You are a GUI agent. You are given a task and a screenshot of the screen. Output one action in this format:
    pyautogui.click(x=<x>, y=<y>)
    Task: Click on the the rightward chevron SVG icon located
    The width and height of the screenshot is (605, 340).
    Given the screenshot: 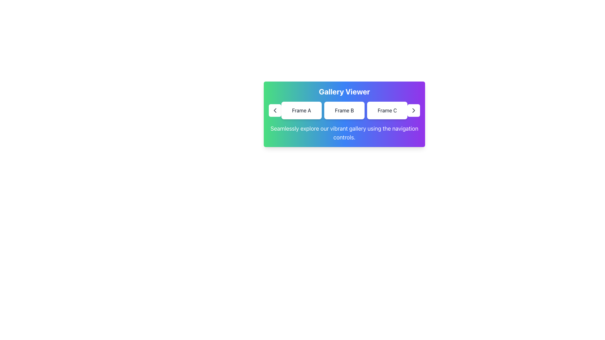 What is the action you would take?
    pyautogui.click(x=414, y=110)
    